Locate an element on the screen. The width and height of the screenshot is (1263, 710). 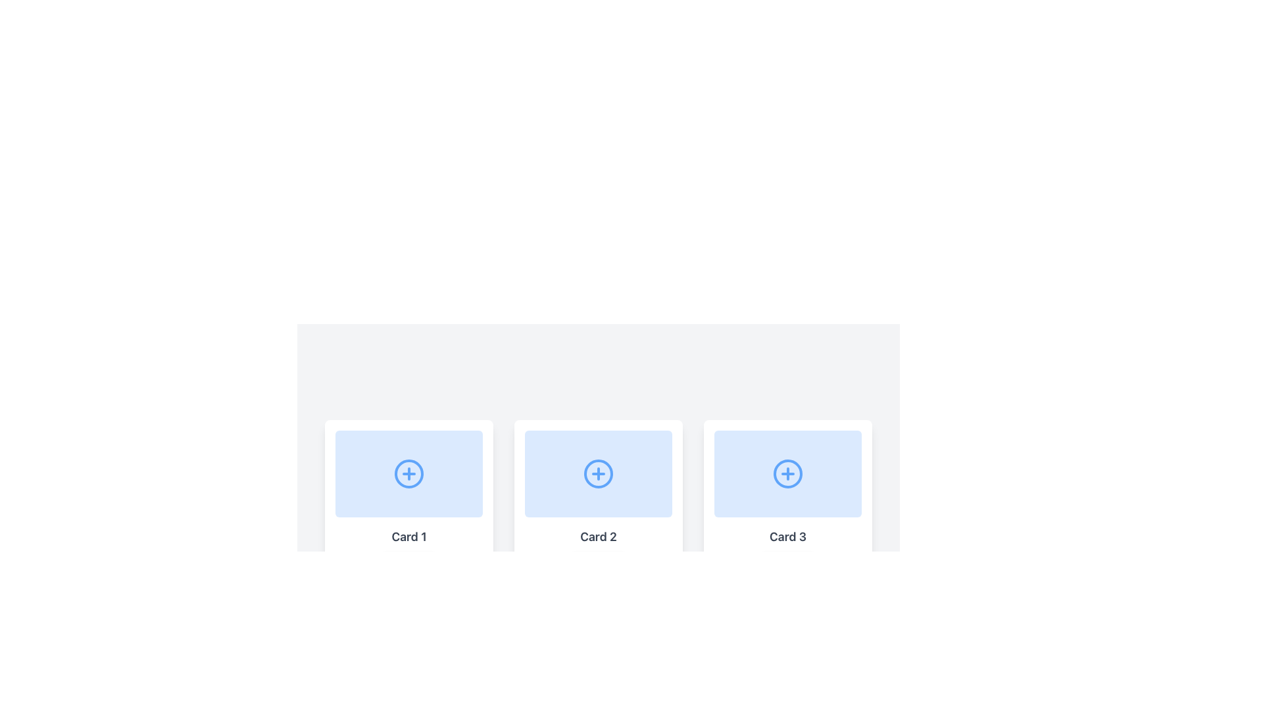
the text label displaying 'Card 3', which is styled with a large, bold font in dark gray, located in the third card of a grid layout is located at coordinates (788, 537).